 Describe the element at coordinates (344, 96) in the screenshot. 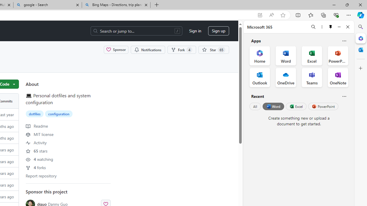

I see `'Is this helpful?'` at that location.